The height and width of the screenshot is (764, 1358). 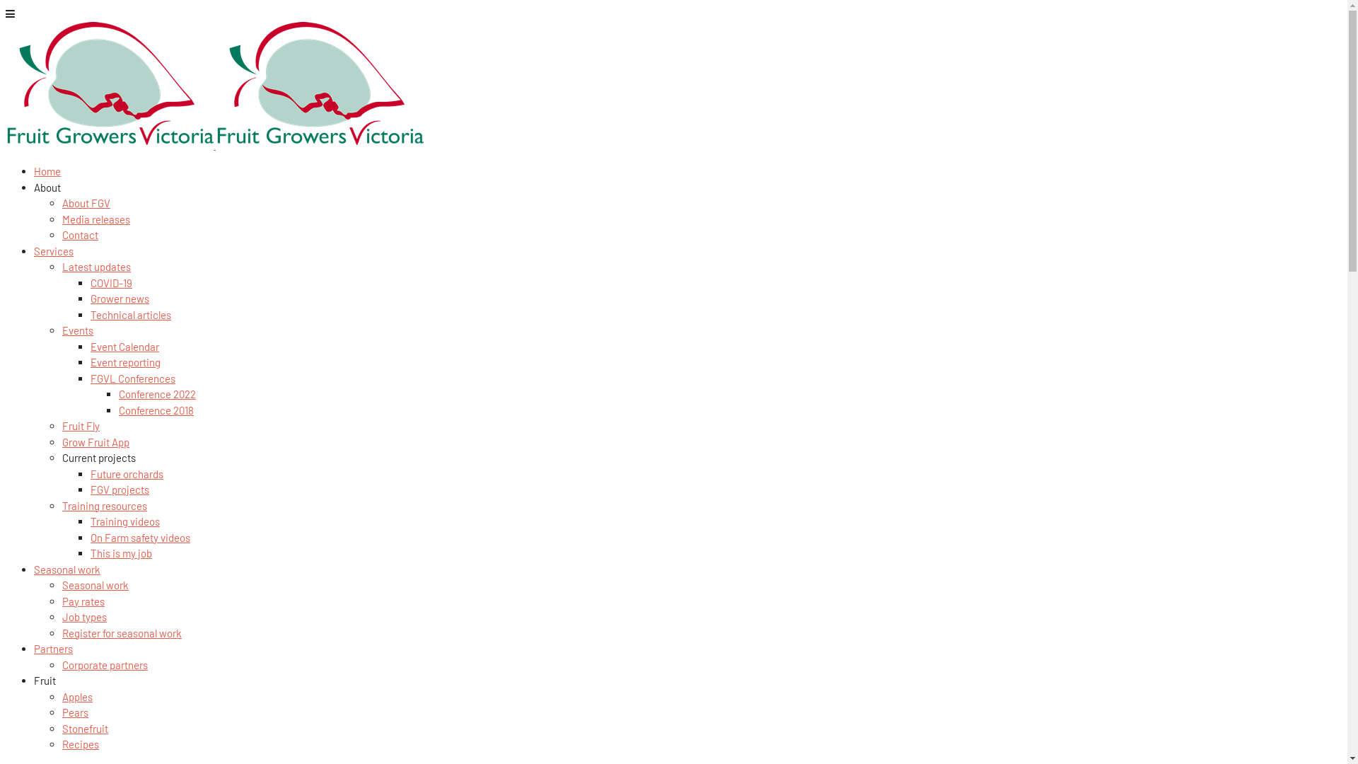 I want to click on 'About FGV', so click(x=85, y=202).